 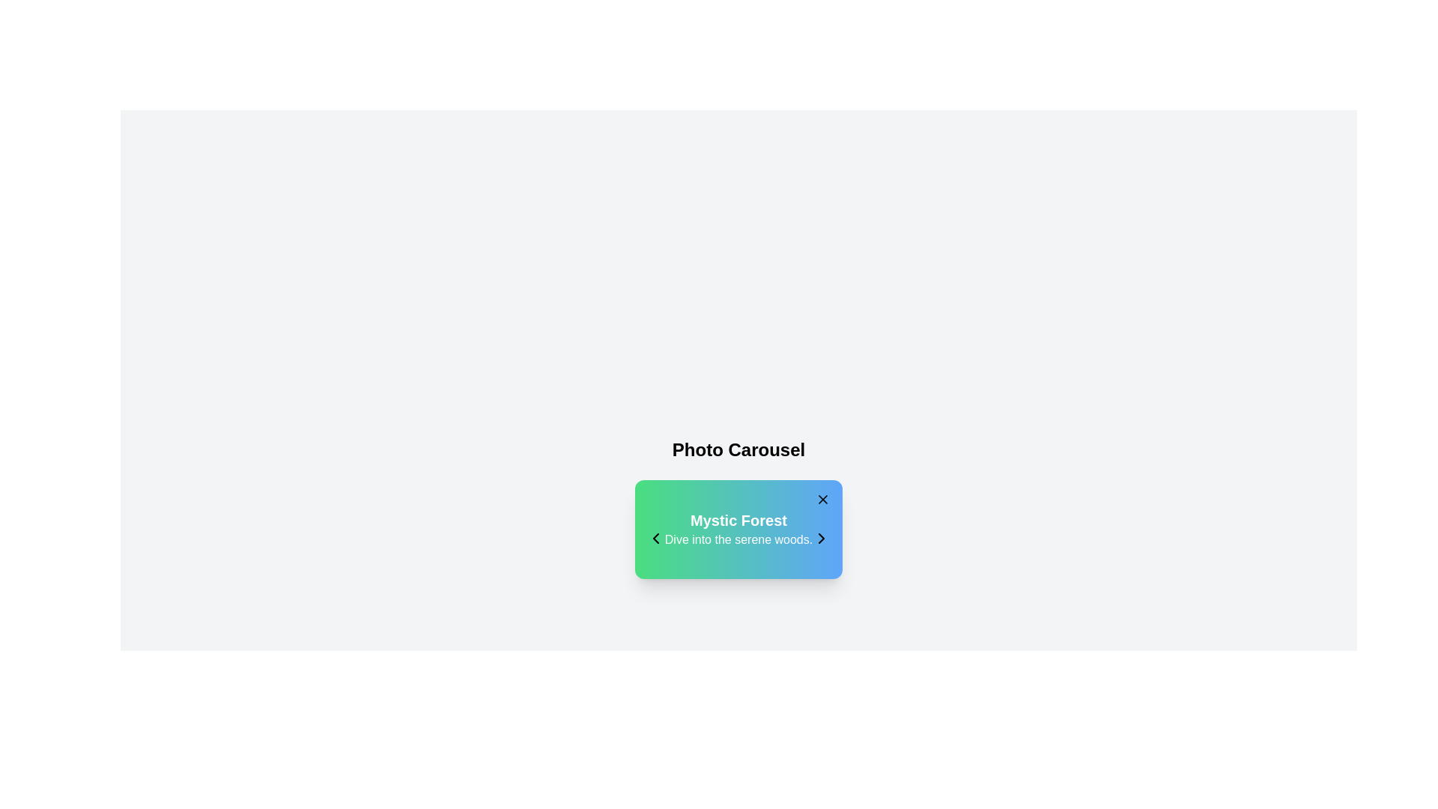 What do you see at coordinates (738, 519) in the screenshot?
I see `header text 'Mystic Forest' which is centered at the top of the card and serves as a title for the content` at bounding box center [738, 519].